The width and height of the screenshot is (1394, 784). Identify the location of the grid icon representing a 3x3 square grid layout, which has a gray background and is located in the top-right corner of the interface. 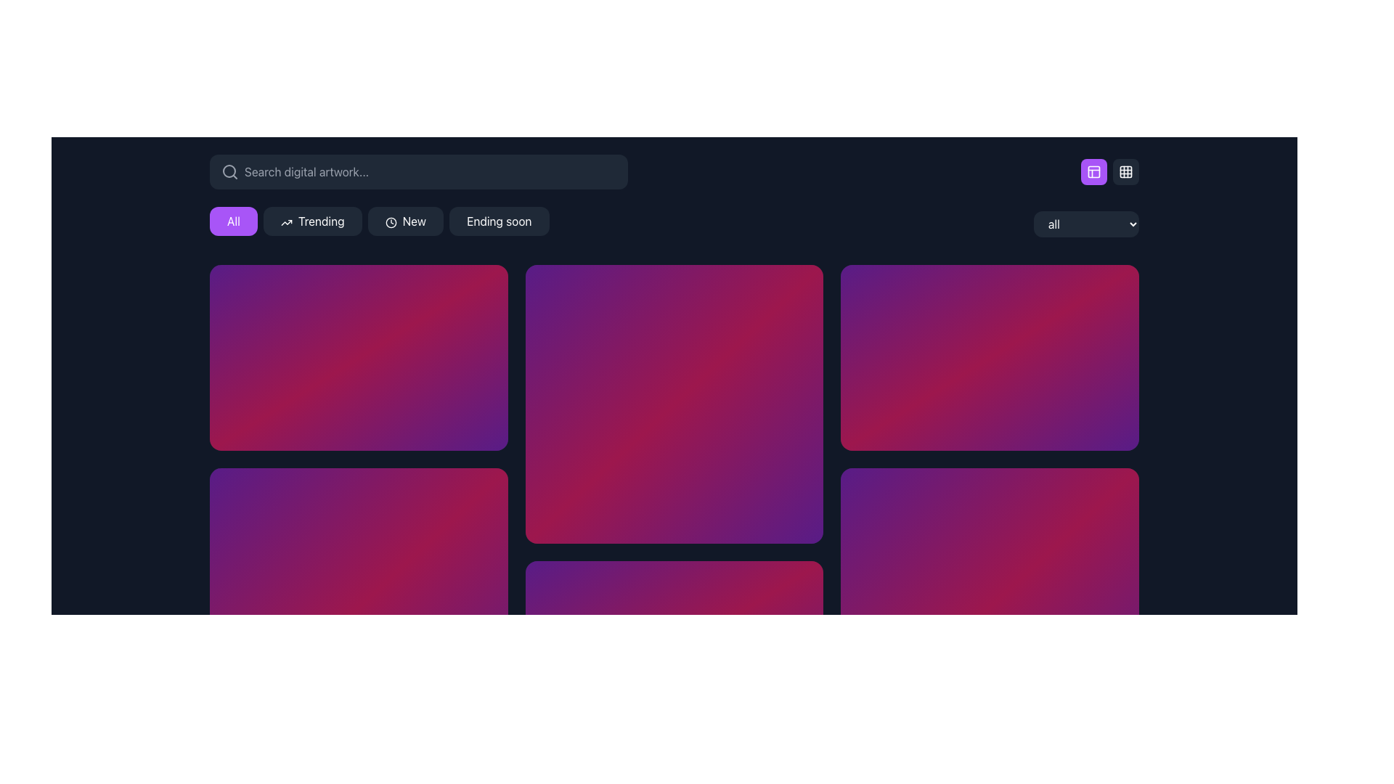
(1125, 171).